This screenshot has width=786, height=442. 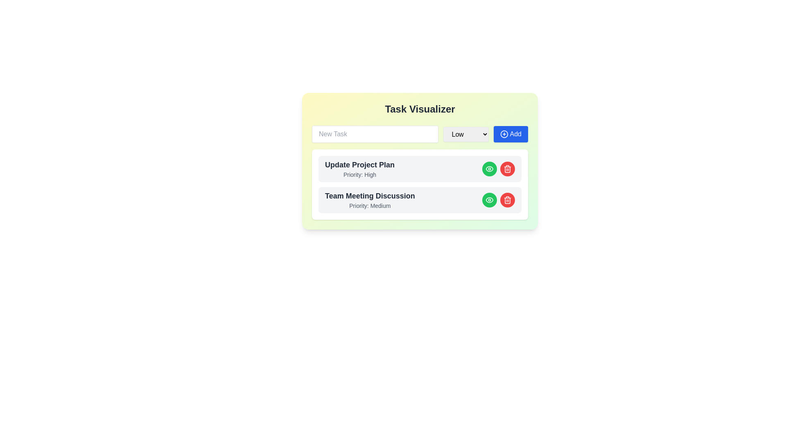 What do you see at coordinates (507, 168) in the screenshot?
I see `the circular red delete button with a white trash can icon located to the right of the 'Update Project Plan' task entry` at bounding box center [507, 168].